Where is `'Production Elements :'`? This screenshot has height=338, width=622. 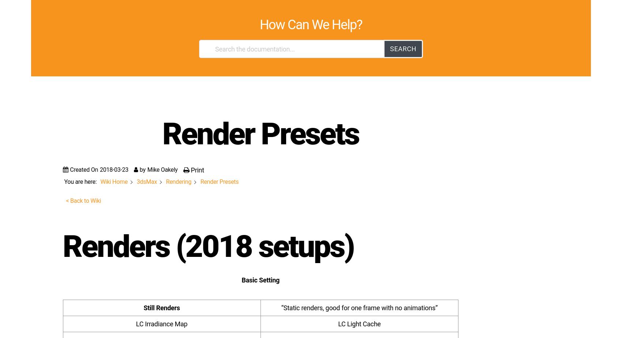
'Production Elements :' is located at coordinates (101, 216).